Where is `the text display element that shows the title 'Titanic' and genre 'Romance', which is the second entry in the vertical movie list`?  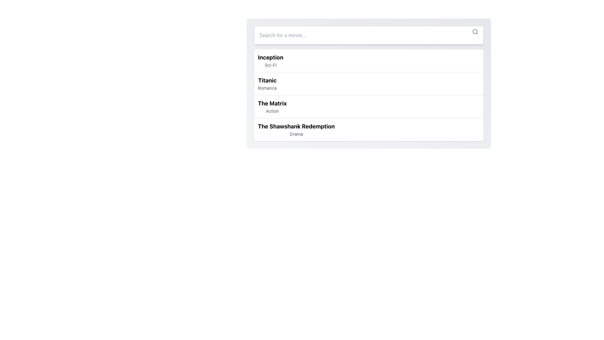
the text display element that shows the title 'Titanic' and genre 'Romance', which is the second entry in the vertical movie list is located at coordinates (267, 83).